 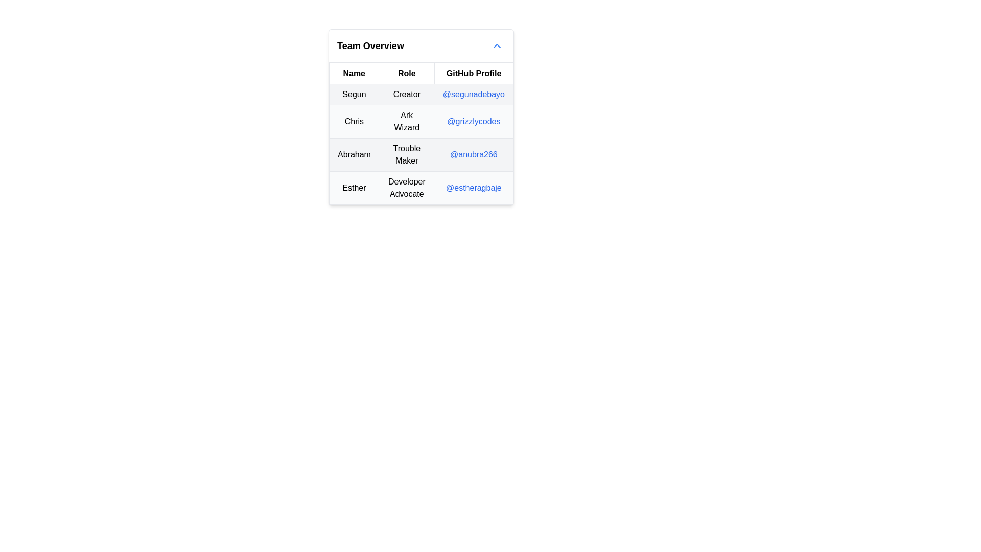 What do you see at coordinates (406, 73) in the screenshot?
I see `text label that serves as the header for the 'Role' column in the table, positioned between the 'Name' and 'GitHub Profile' labels` at bounding box center [406, 73].